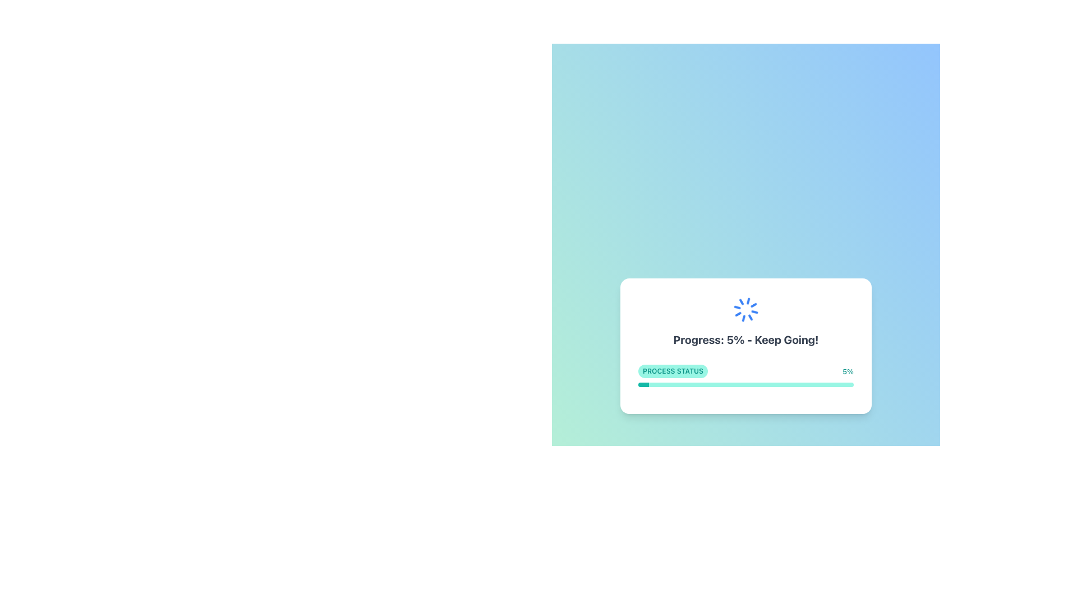  Describe the element at coordinates (745, 374) in the screenshot. I see `the Progress bar labeled 'Process Status' which shows a percentage indicator of '5%' and has a teal background` at that location.